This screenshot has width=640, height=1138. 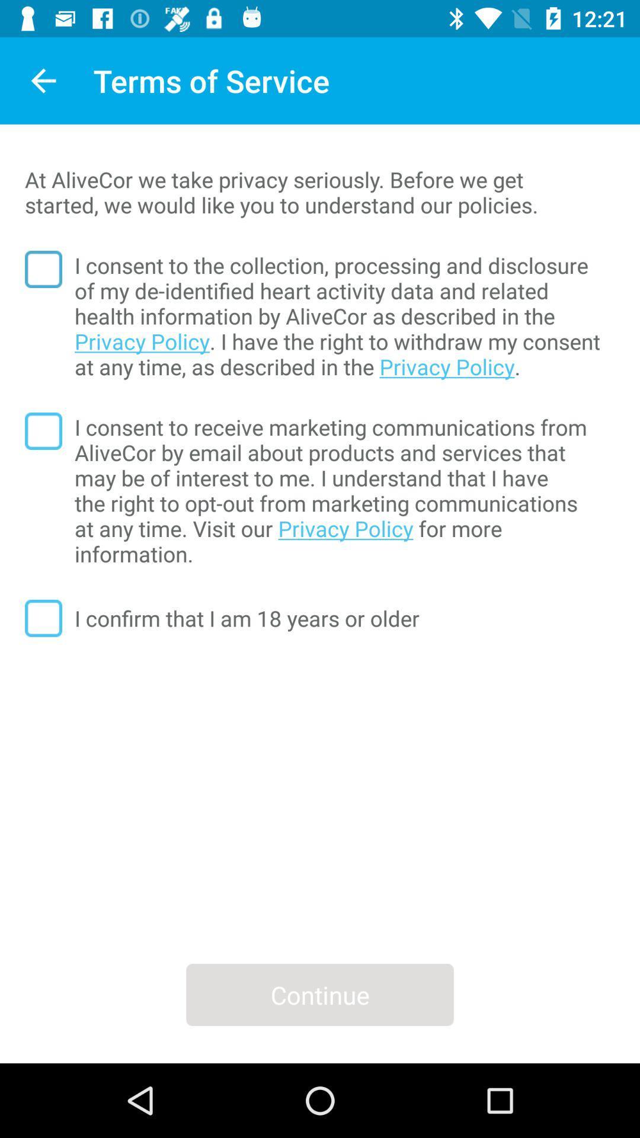 What do you see at coordinates (43, 80) in the screenshot?
I see `app next to the terms of service icon` at bounding box center [43, 80].